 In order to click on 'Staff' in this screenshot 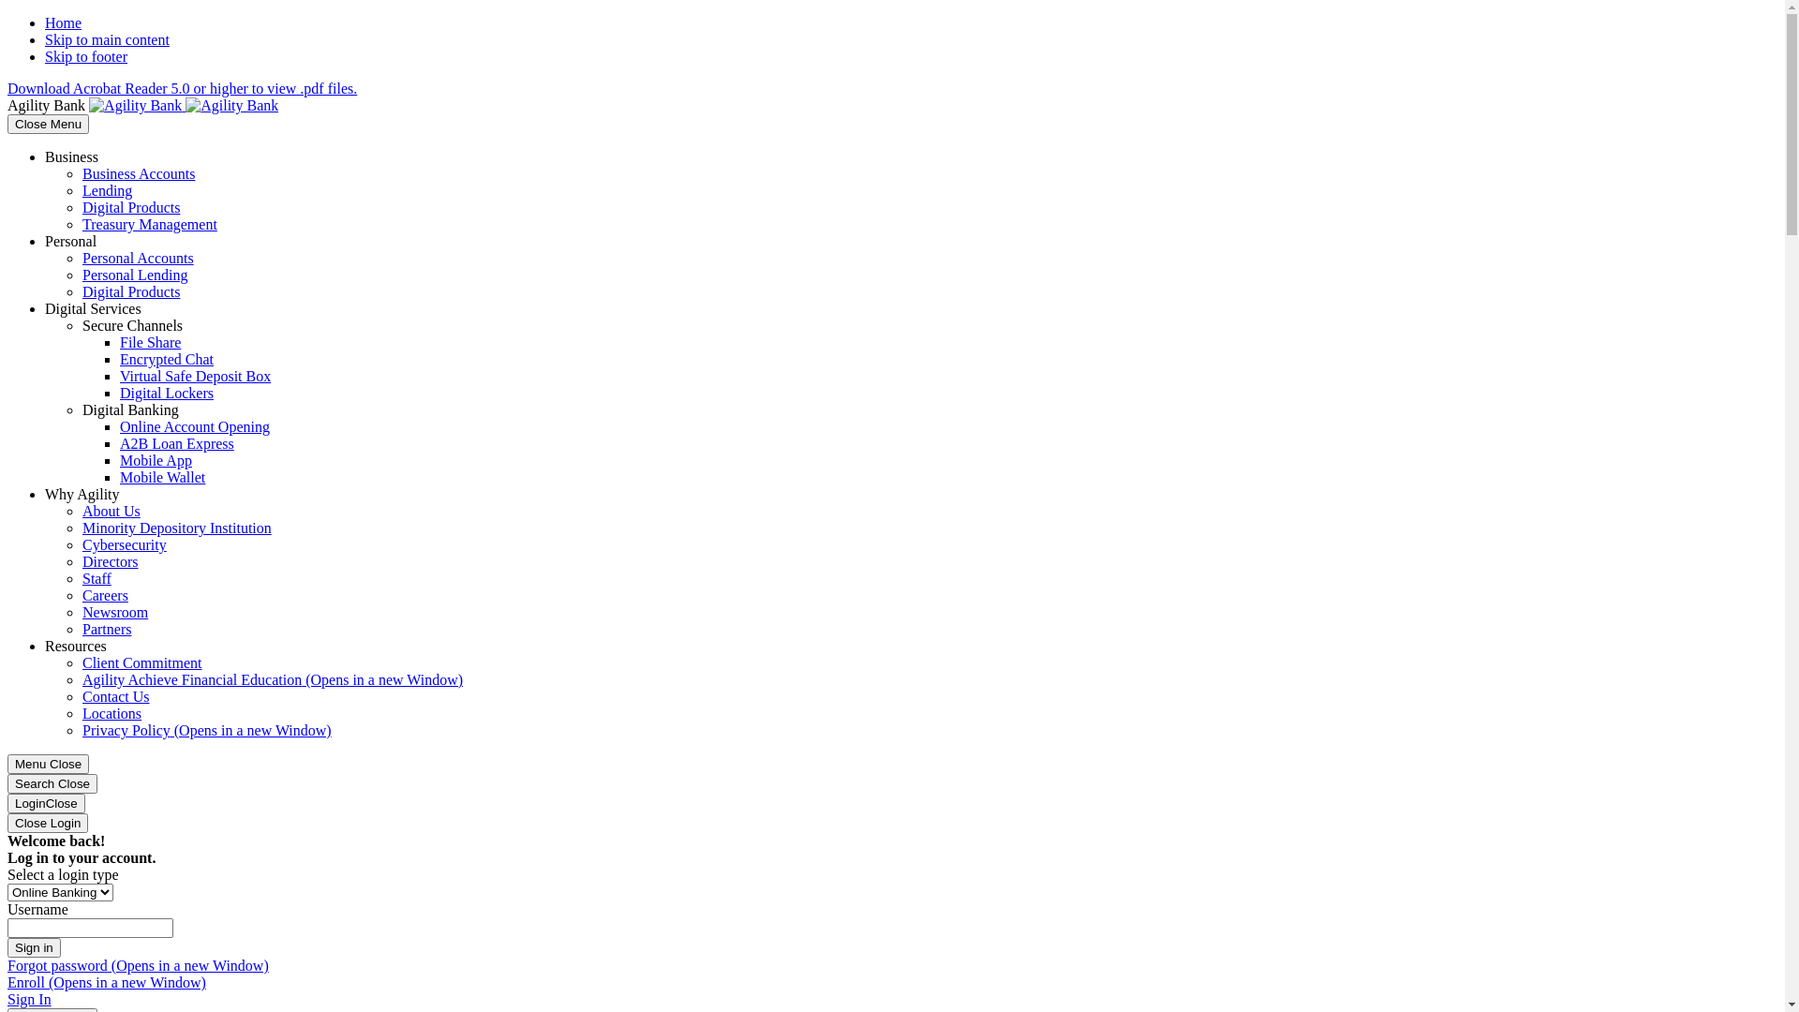, I will do `click(96, 577)`.